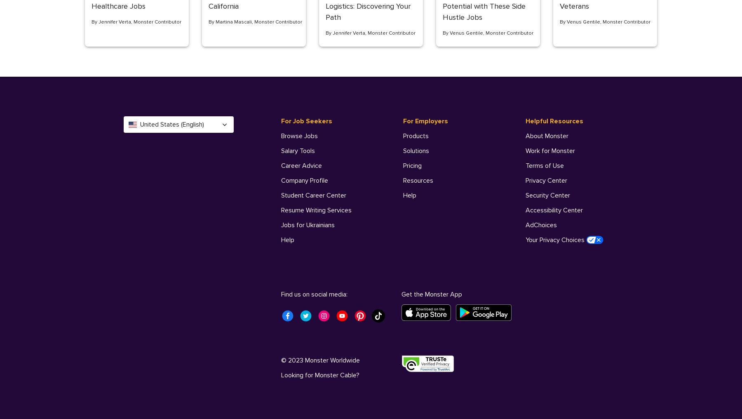  What do you see at coordinates (313, 195) in the screenshot?
I see `'Student Career Center'` at bounding box center [313, 195].